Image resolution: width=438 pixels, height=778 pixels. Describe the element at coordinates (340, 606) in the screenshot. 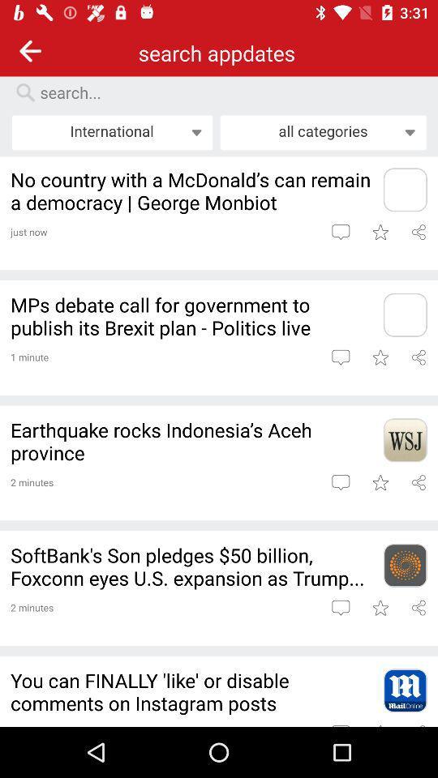

I see `open article comments comment on the article` at that location.